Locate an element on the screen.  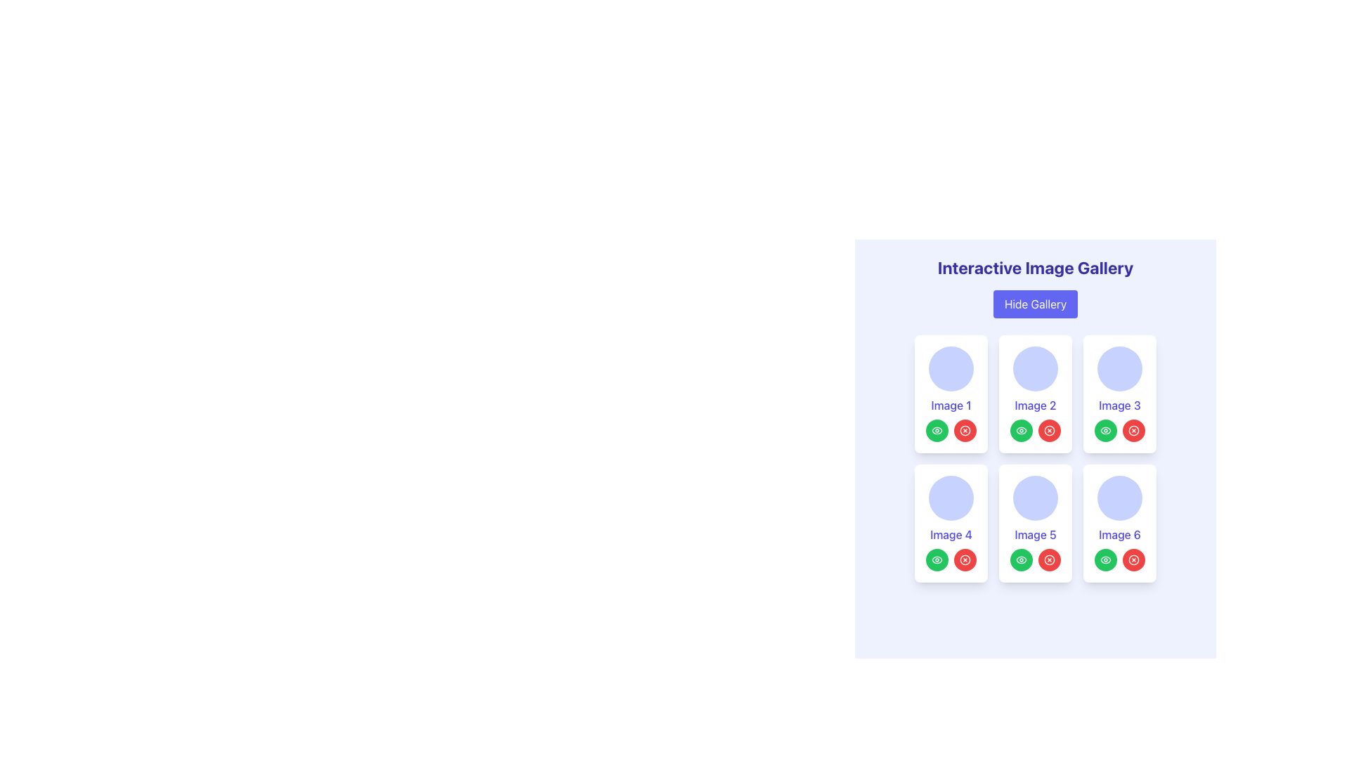
the green eye button in the two-button group for image control located beneath the 'Image 3' label is located at coordinates (1119, 430).